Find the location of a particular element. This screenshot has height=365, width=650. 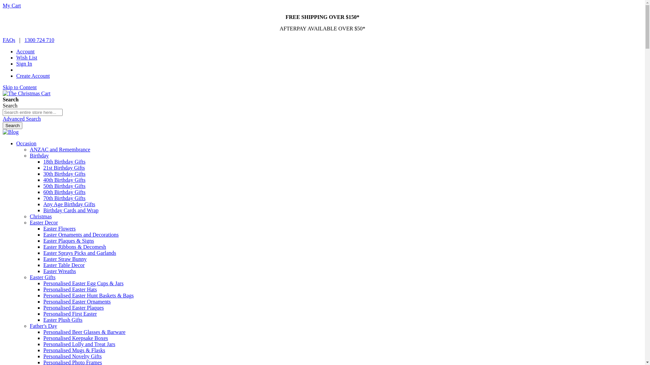

'Wish List' is located at coordinates (26, 57).